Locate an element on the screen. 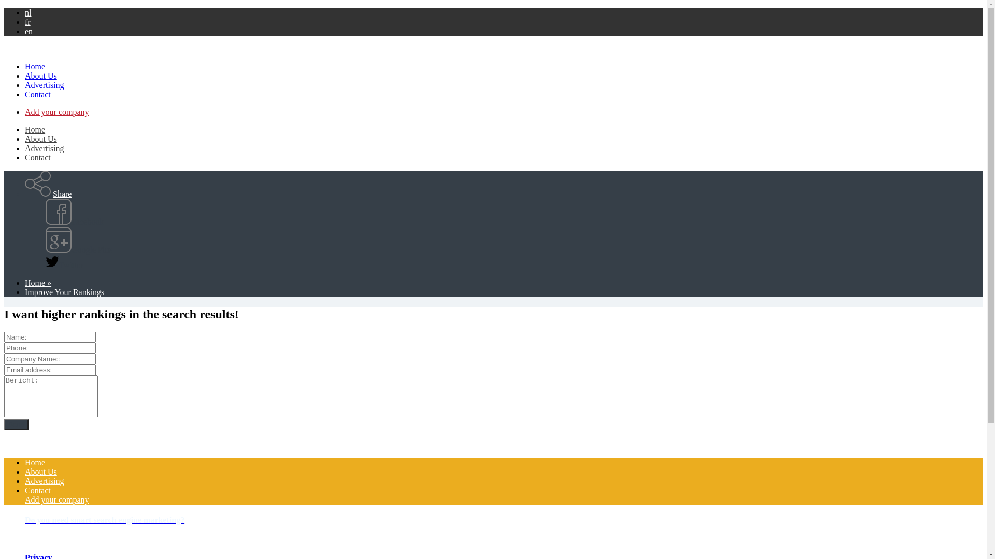  'Improve Your Rankings' is located at coordinates (25, 292).